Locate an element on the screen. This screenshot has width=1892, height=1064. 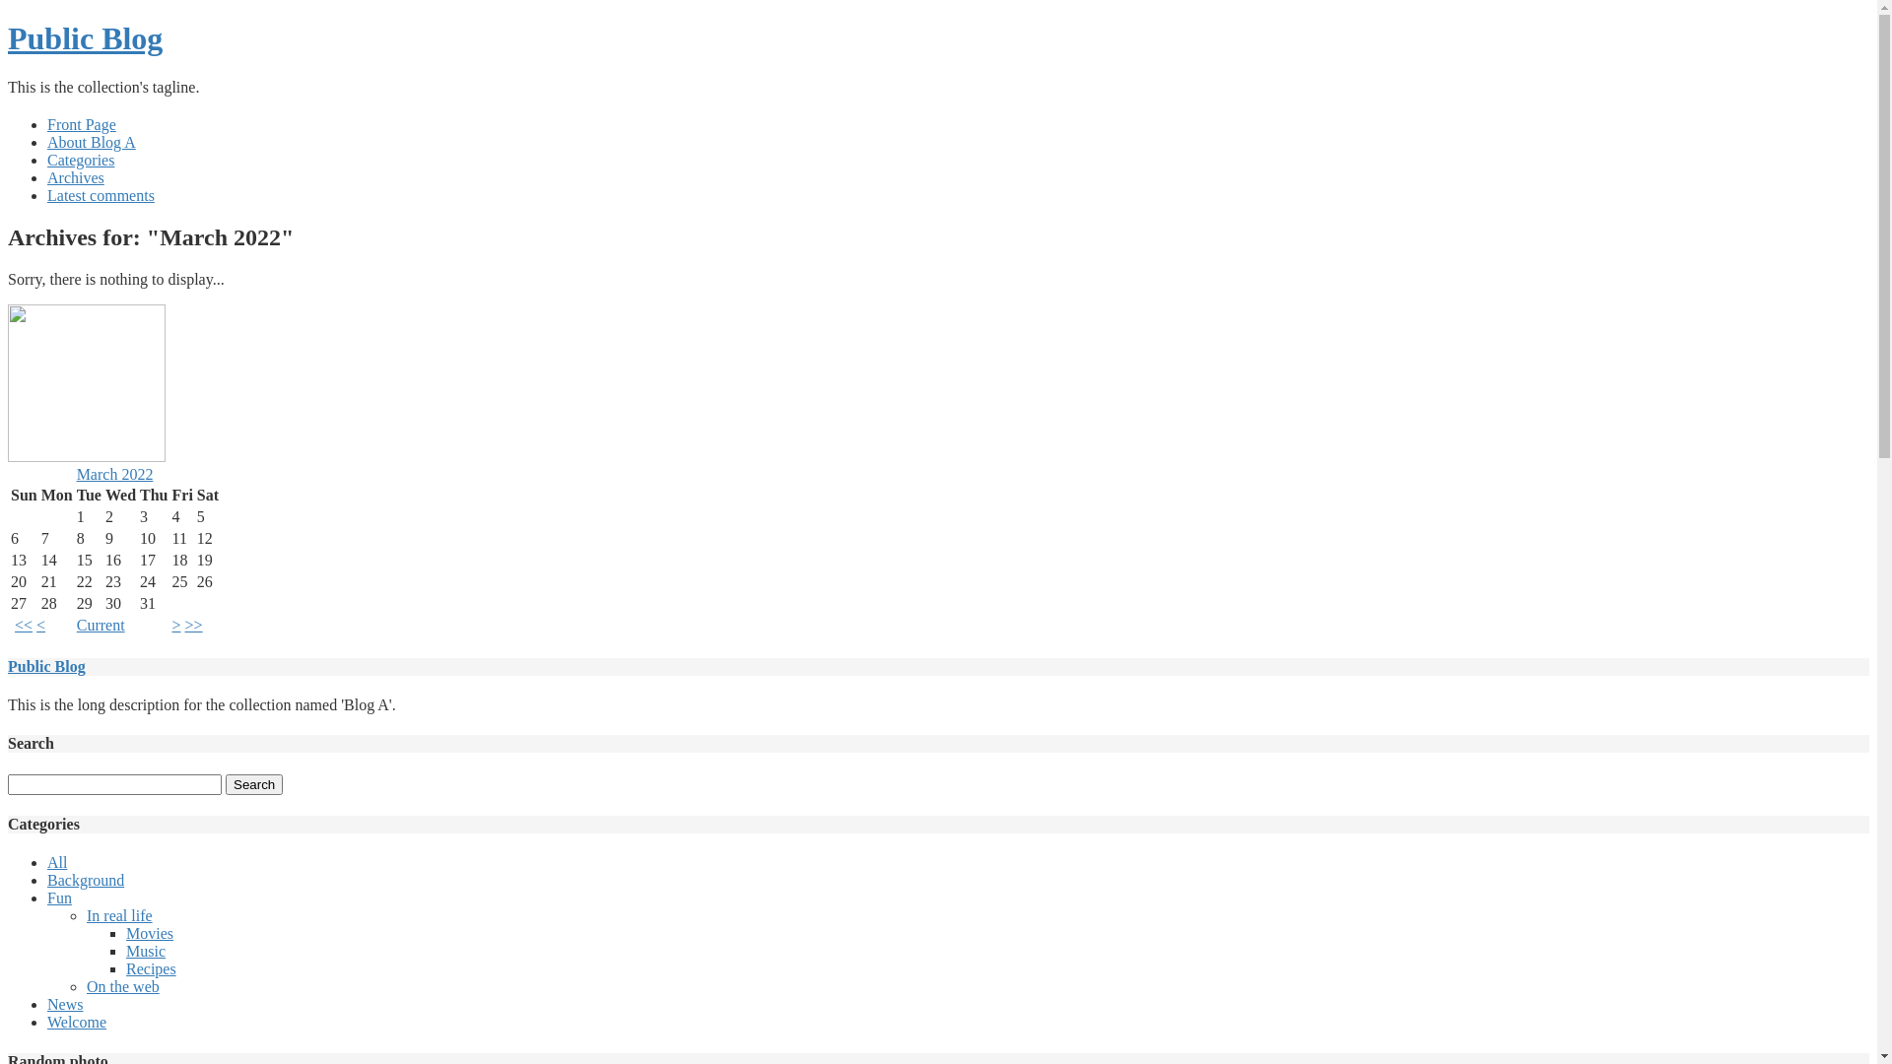
'Latest comments' is located at coordinates (100, 195).